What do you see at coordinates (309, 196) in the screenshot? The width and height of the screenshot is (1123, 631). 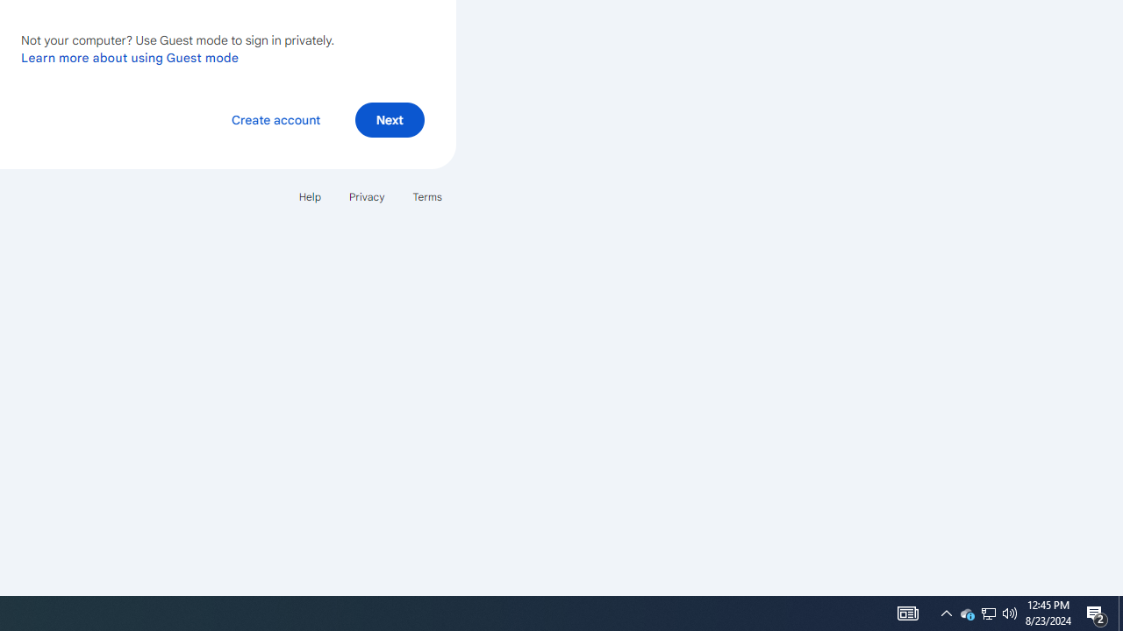 I see `'Help'` at bounding box center [309, 196].